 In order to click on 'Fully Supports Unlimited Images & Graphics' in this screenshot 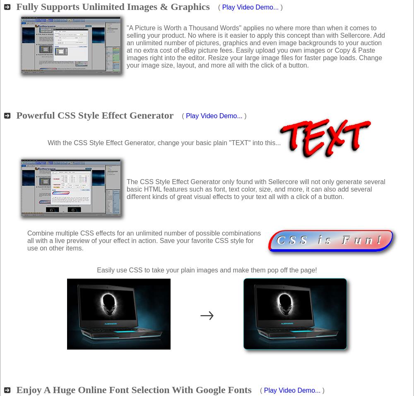, I will do `click(113, 6)`.